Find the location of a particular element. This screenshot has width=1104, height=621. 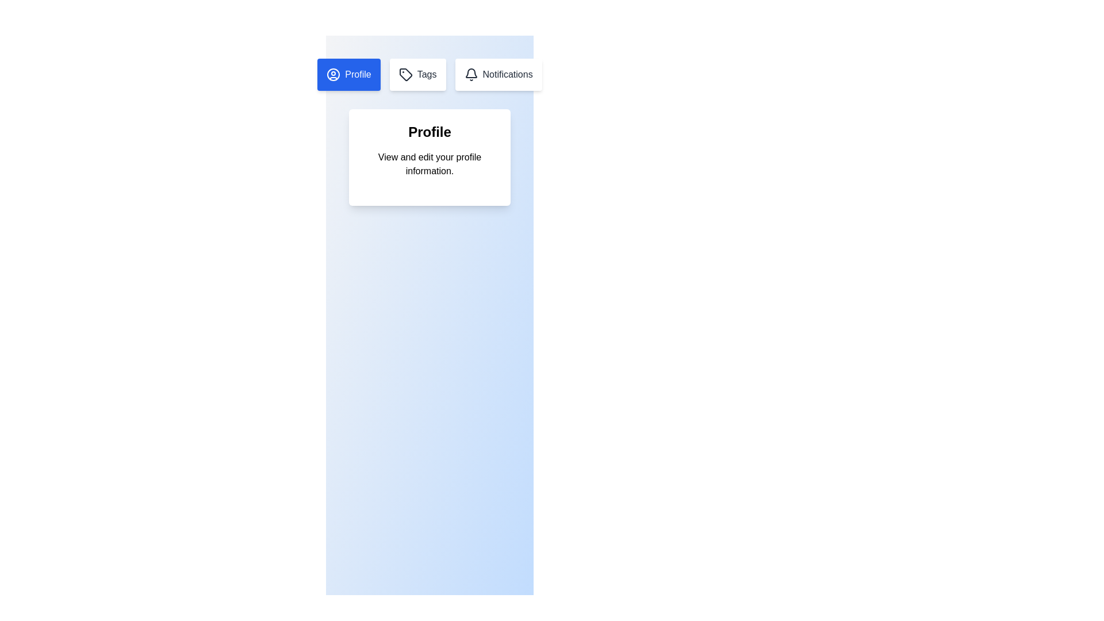

the Profile tab is located at coordinates (348, 75).